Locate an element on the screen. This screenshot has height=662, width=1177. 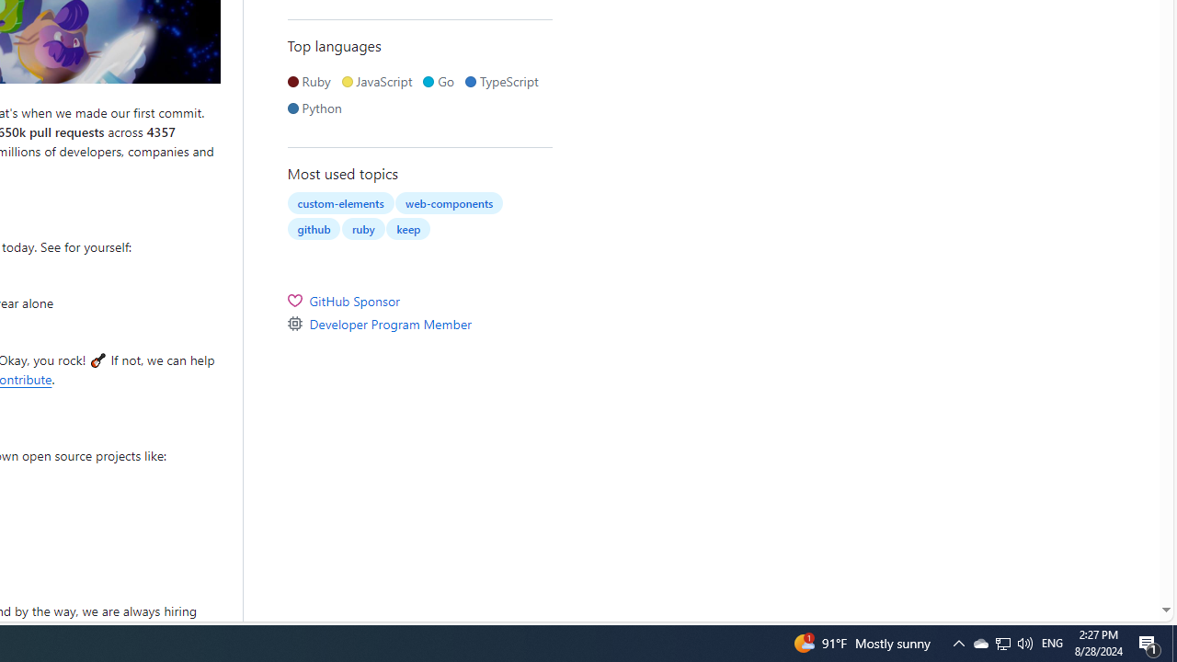
'GitHub Sponsor' is located at coordinates (418, 299).